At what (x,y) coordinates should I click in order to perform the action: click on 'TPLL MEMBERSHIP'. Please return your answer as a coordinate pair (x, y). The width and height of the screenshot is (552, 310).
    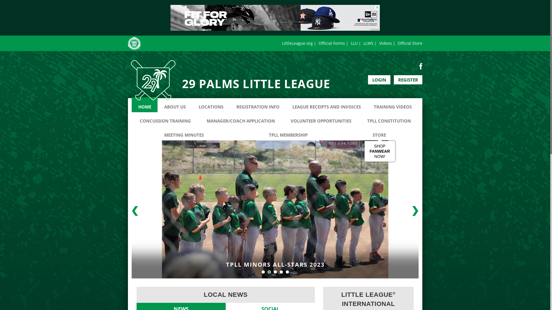
    Looking at the image, I should click on (288, 133).